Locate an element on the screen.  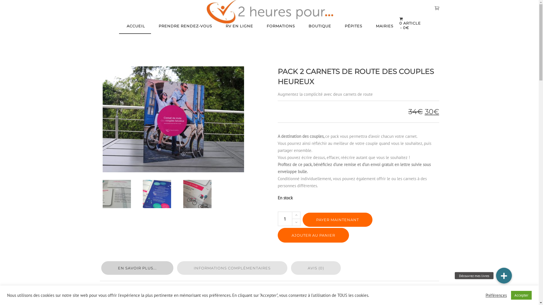
'Accepter' is located at coordinates (521, 295).